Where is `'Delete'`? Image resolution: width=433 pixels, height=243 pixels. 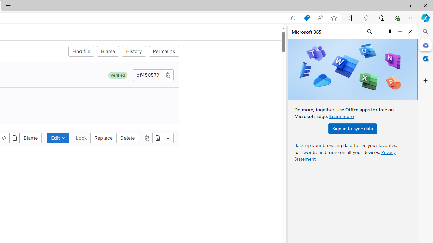
'Delete' is located at coordinates (127, 137).